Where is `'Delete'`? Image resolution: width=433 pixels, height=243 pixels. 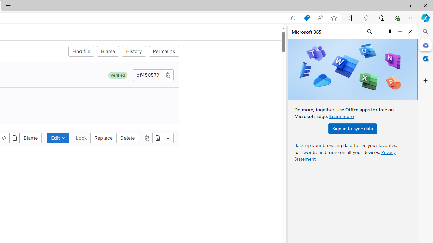
'Delete' is located at coordinates (127, 137).